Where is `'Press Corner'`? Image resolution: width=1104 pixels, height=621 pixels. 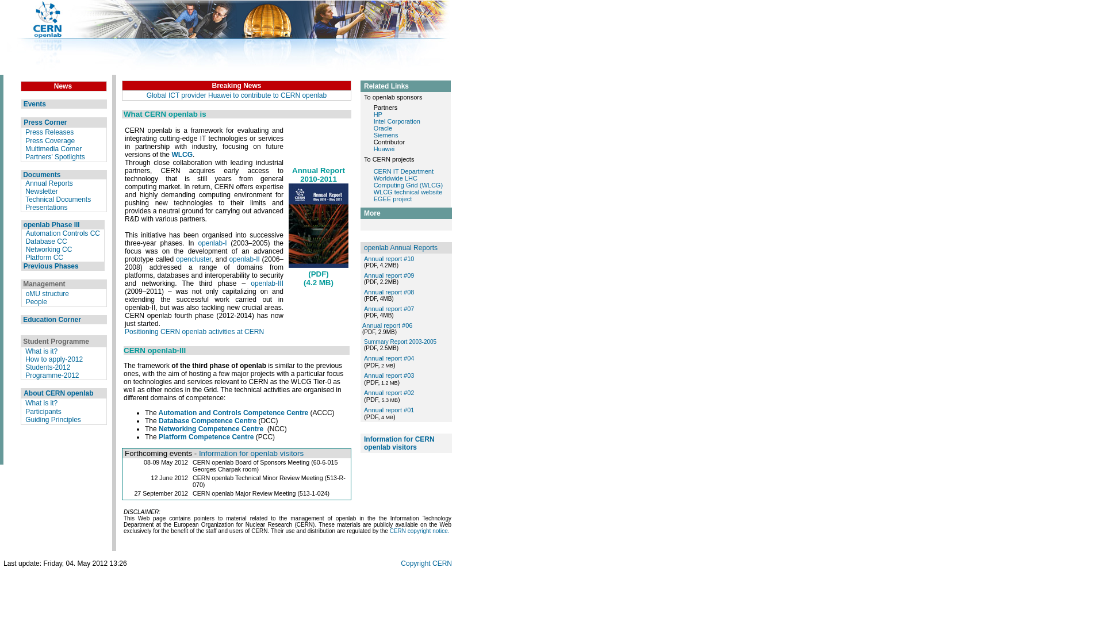 'Press Corner' is located at coordinates (45, 122).